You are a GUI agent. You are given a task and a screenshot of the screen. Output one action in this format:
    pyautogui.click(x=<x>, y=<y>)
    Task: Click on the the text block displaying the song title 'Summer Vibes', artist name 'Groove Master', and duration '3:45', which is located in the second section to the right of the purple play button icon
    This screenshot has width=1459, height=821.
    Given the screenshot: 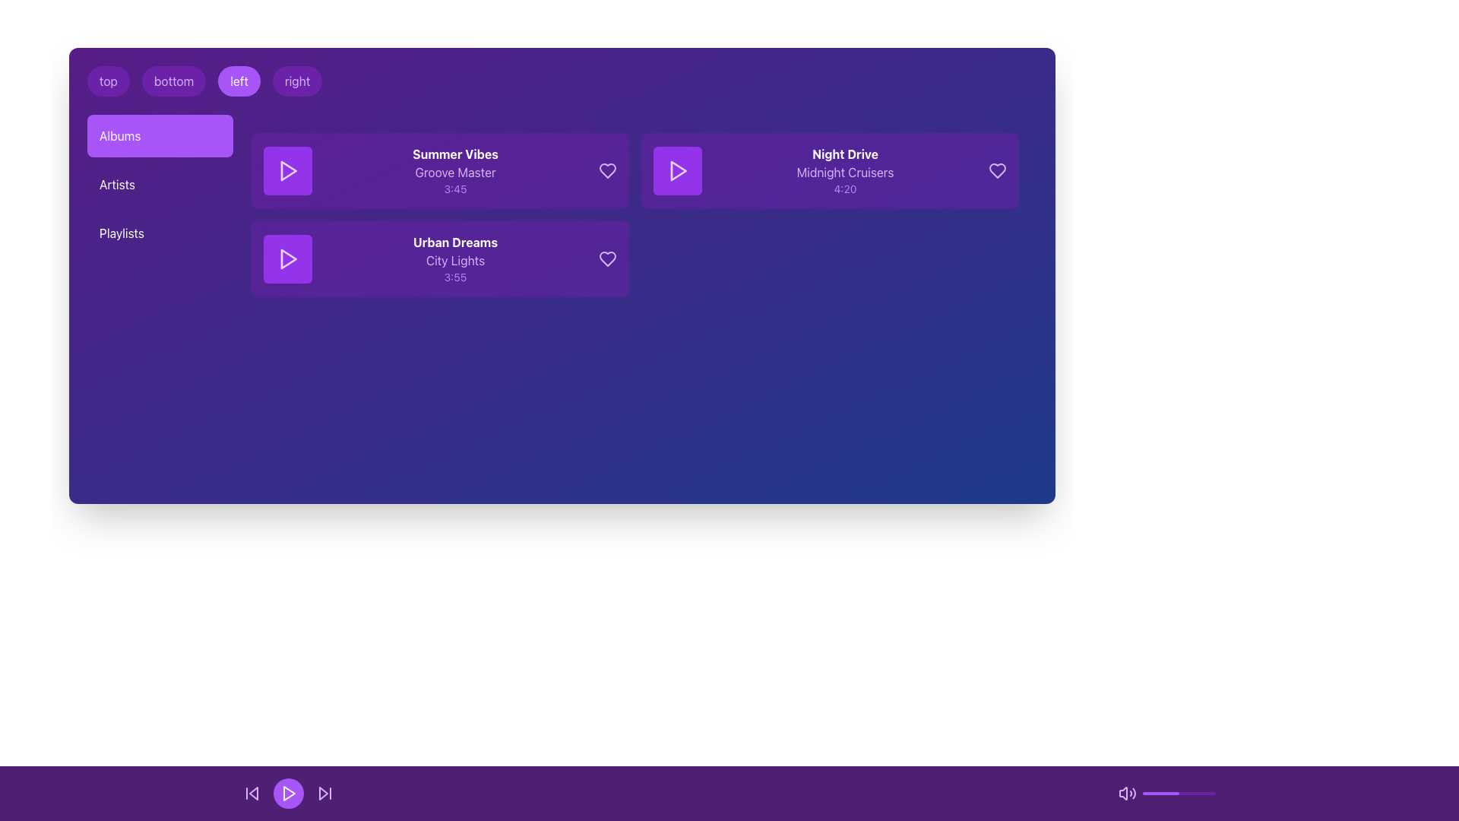 What is the action you would take?
    pyautogui.click(x=454, y=170)
    